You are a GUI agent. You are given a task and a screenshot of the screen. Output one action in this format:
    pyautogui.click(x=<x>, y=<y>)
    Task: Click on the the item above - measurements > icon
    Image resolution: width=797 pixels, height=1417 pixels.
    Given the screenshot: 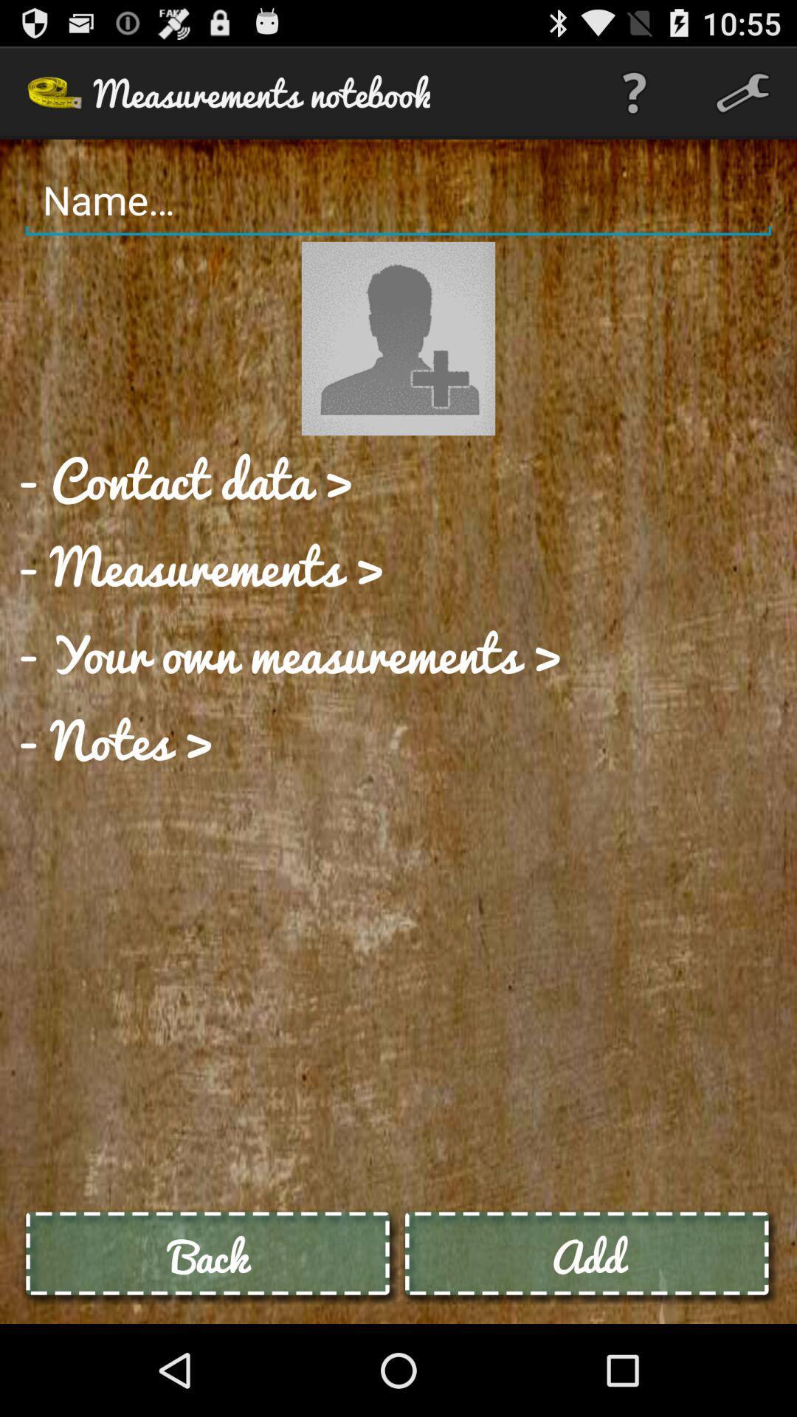 What is the action you would take?
    pyautogui.click(x=184, y=479)
    